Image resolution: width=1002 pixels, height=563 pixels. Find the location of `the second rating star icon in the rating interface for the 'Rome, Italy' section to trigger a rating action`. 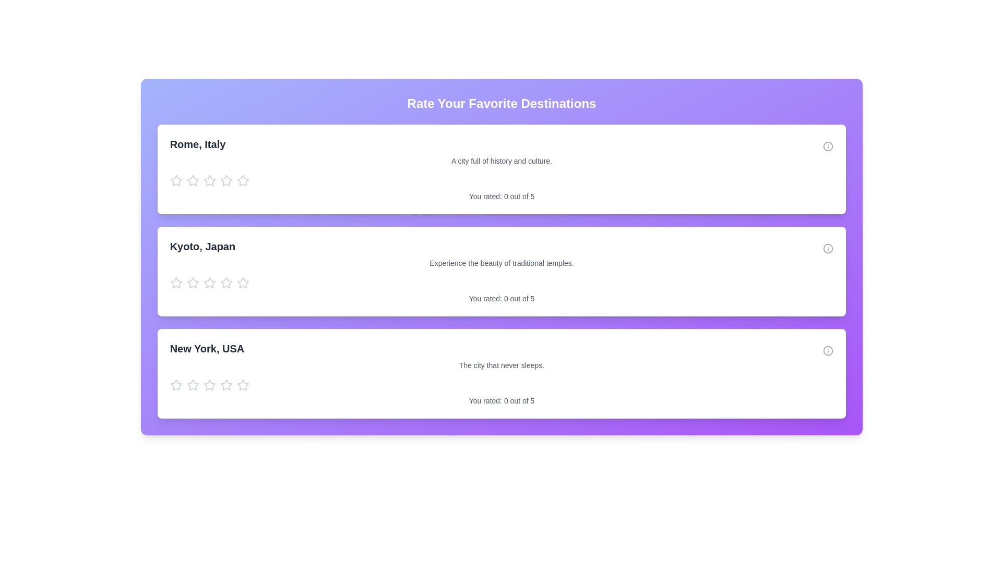

the second rating star icon in the rating interface for the 'Rome, Italy' section to trigger a rating action is located at coordinates (209, 180).